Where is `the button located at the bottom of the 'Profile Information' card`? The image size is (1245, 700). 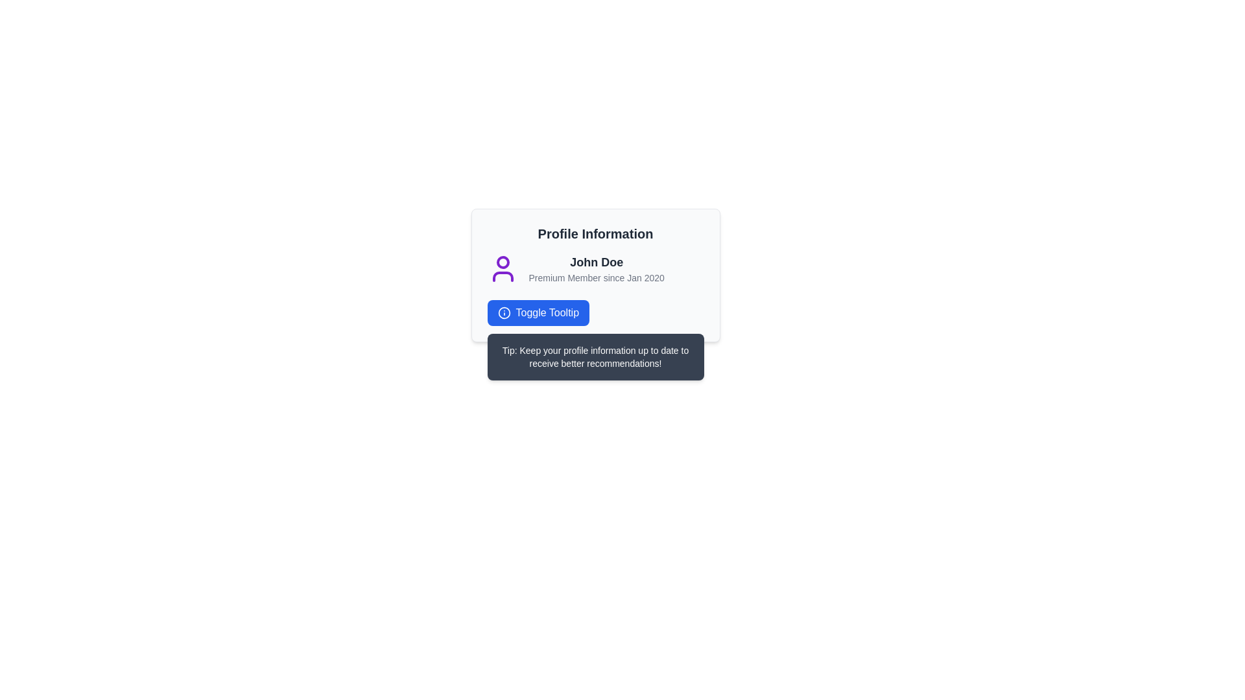 the button located at the bottom of the 'Profile Information' card is located at coordinates (538, 312).